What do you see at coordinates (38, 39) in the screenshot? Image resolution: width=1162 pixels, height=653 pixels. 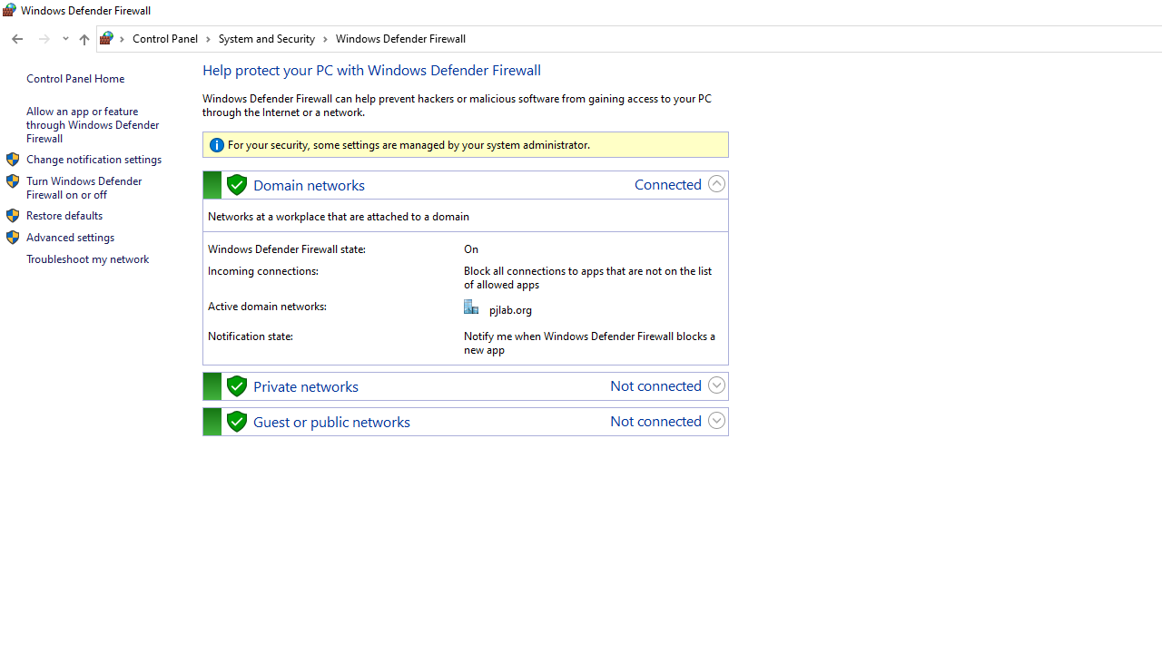 I see `'Navigation buttons'` at bounding box center [38, 39].